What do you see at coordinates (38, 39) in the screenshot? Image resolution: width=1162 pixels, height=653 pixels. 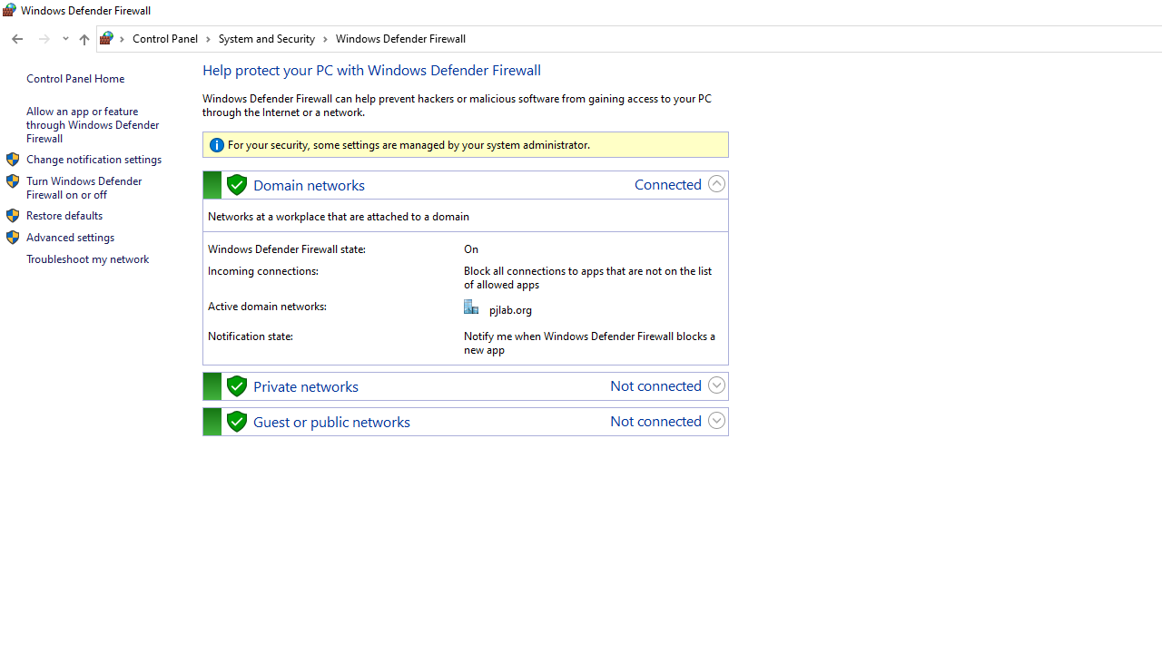 I see `'Navigation buttons'` at bounding box center [38, 39].